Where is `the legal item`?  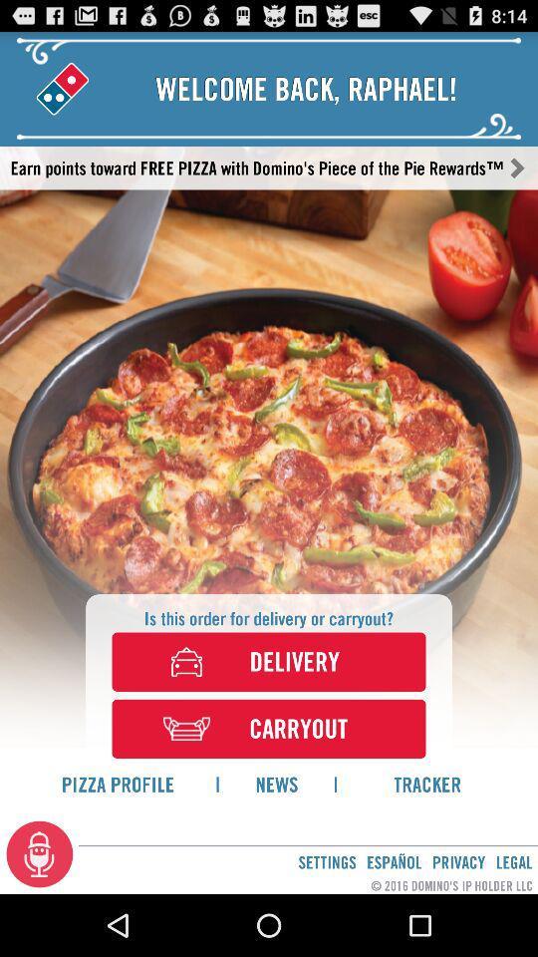
the legal item is located at coordinates (514, 861).